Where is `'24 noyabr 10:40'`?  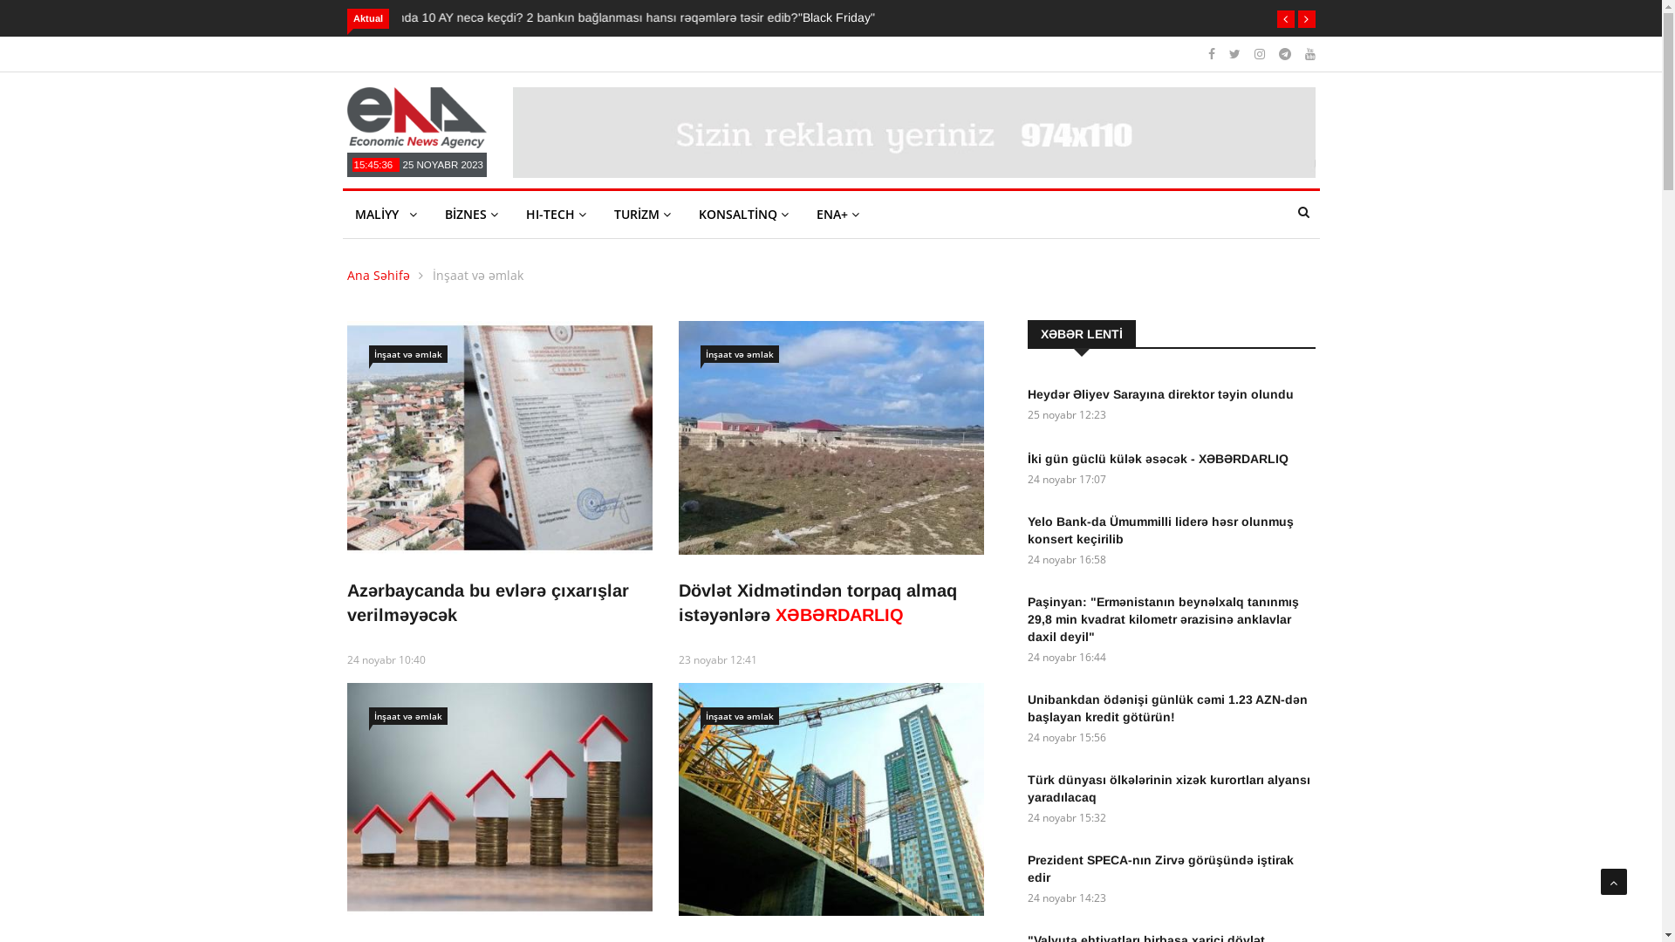
'24 noyabr 10:40' is located at coordinates (385, 659).